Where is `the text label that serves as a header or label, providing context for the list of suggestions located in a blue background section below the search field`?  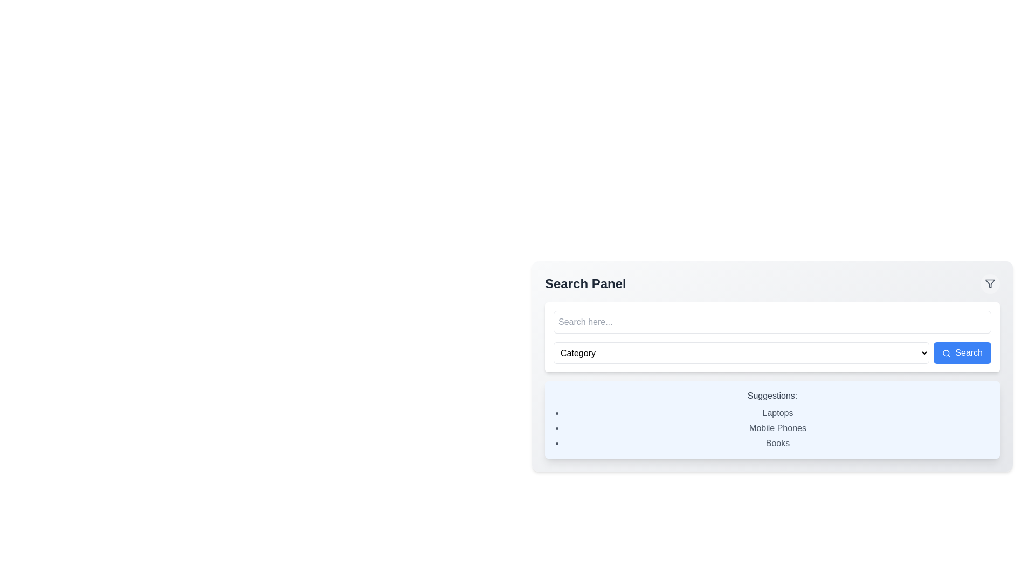
the text label that serves as a header or label, providing context for the list of suggestions located in a blue background section below the search field is located at coordinates (772, 396).